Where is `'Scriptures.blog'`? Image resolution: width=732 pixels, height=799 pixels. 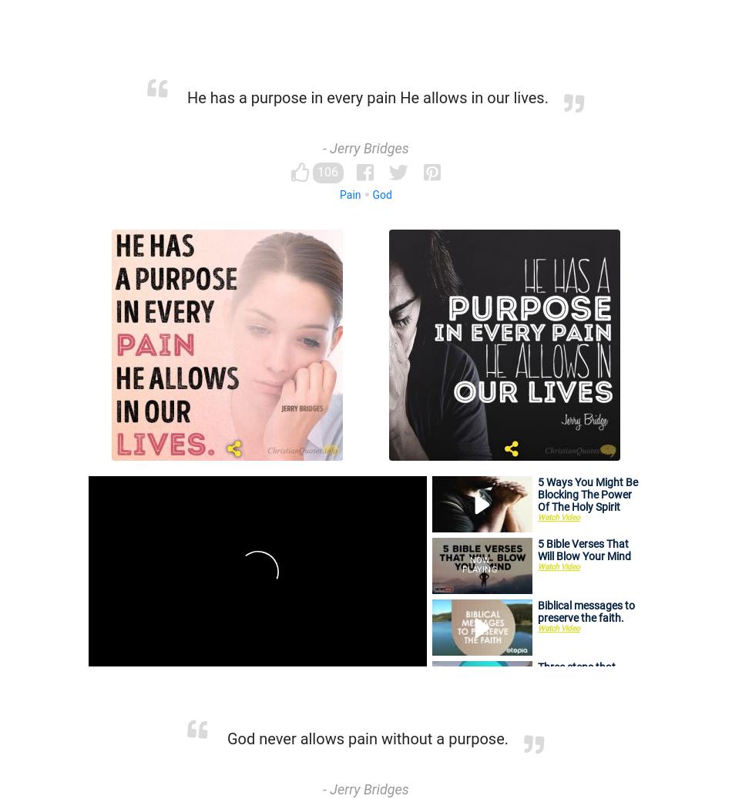
'Scriptures.blog' is located at coordinates (318, 666).